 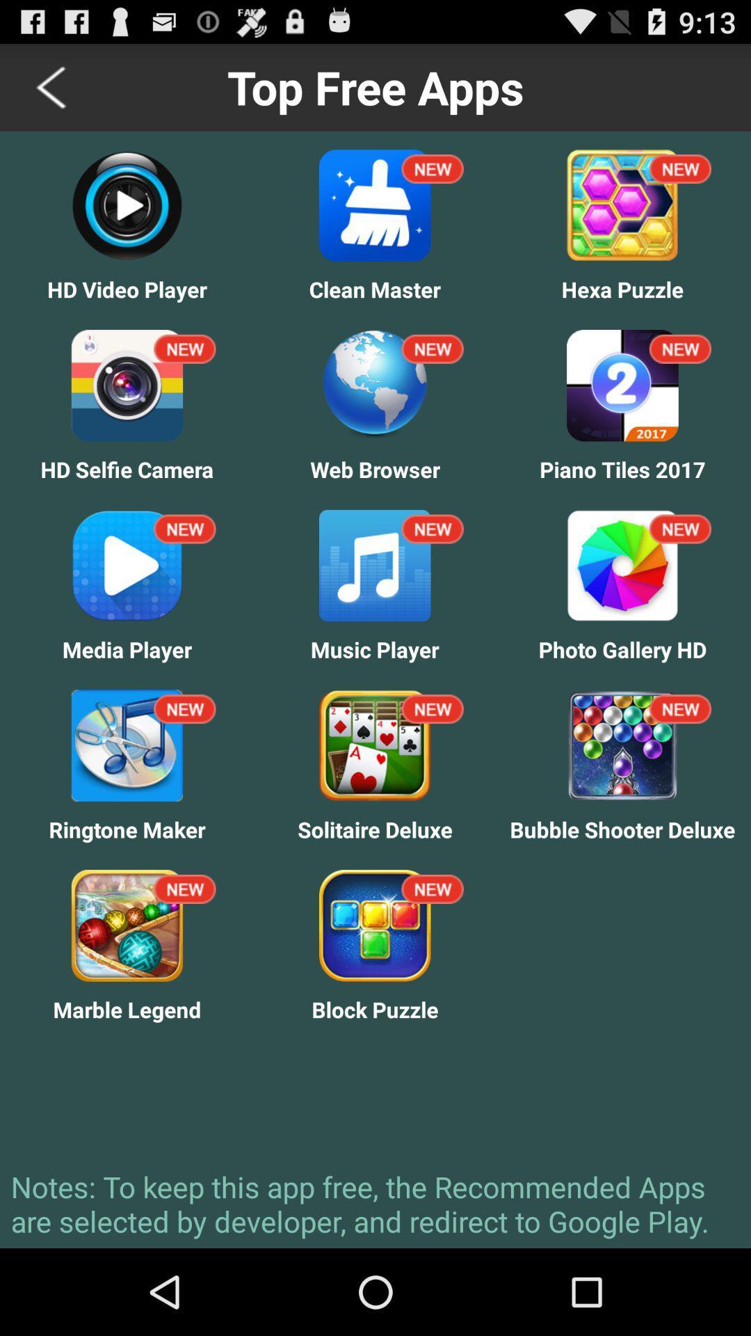 I want to click on the new which is above photo gallery hd image, so click(x=679, y=529).